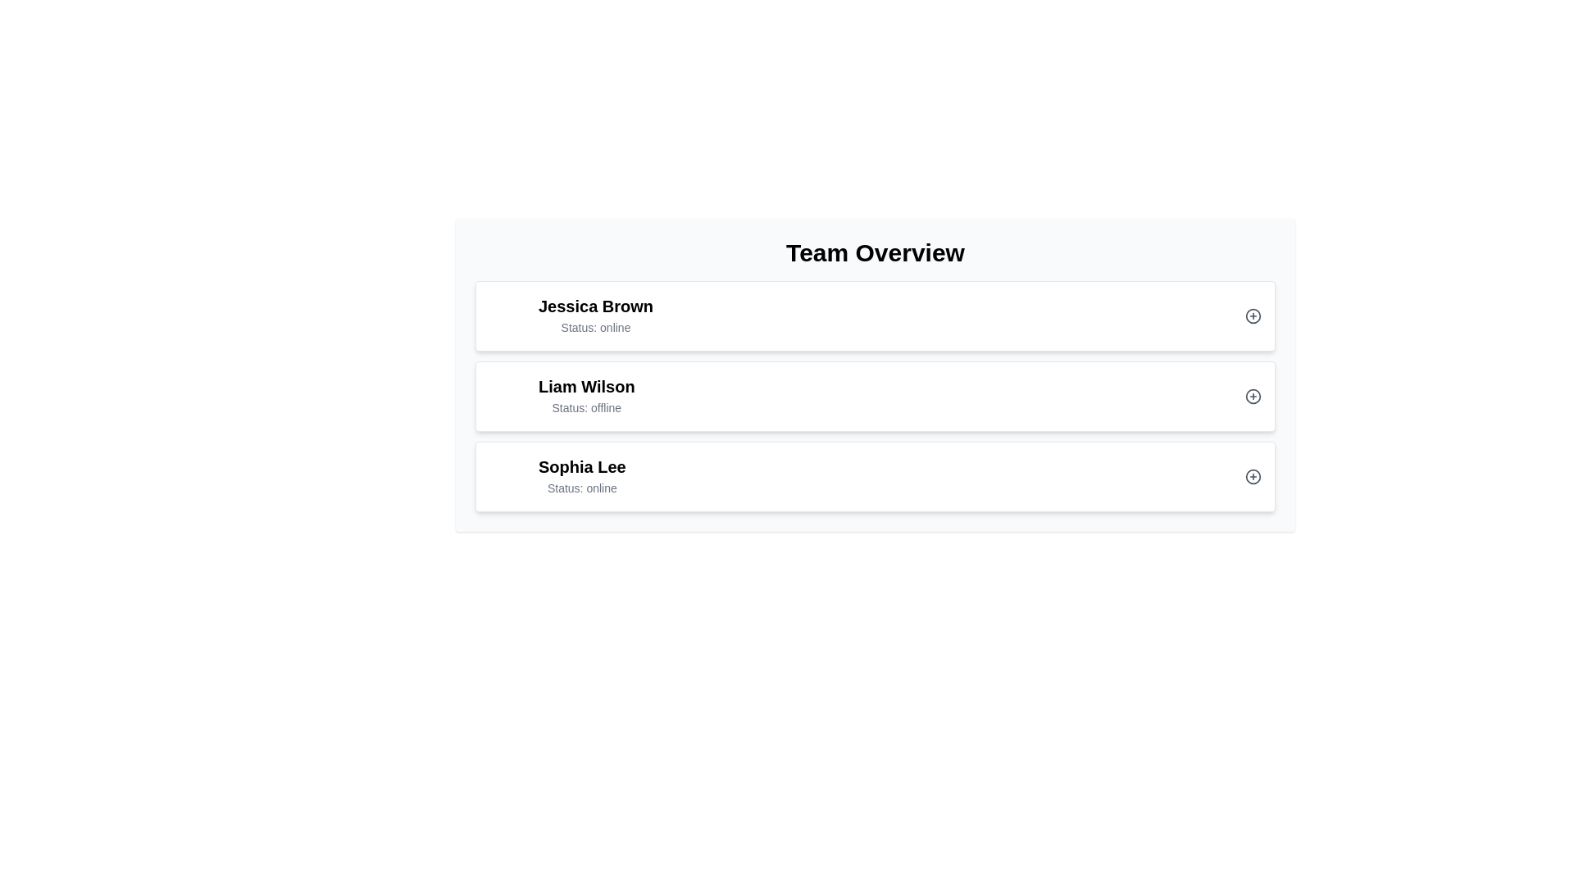 The width and height of the screenshot is (1574, 885). Describe the element at coordinates (562, 396) in the screenshot. I see `the text display component showing the name and online status of team member Liam Wilson, who is currently offline` at that location.